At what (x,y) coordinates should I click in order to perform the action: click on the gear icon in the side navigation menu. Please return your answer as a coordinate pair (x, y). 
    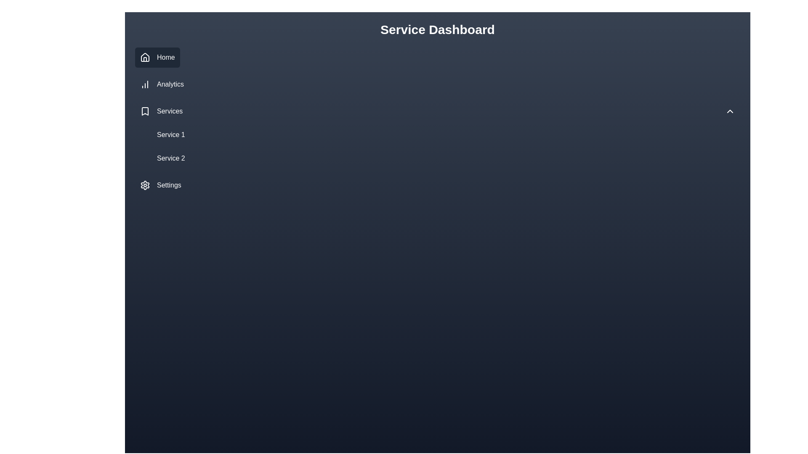
    Looking at the image, I should click on (145, 185).